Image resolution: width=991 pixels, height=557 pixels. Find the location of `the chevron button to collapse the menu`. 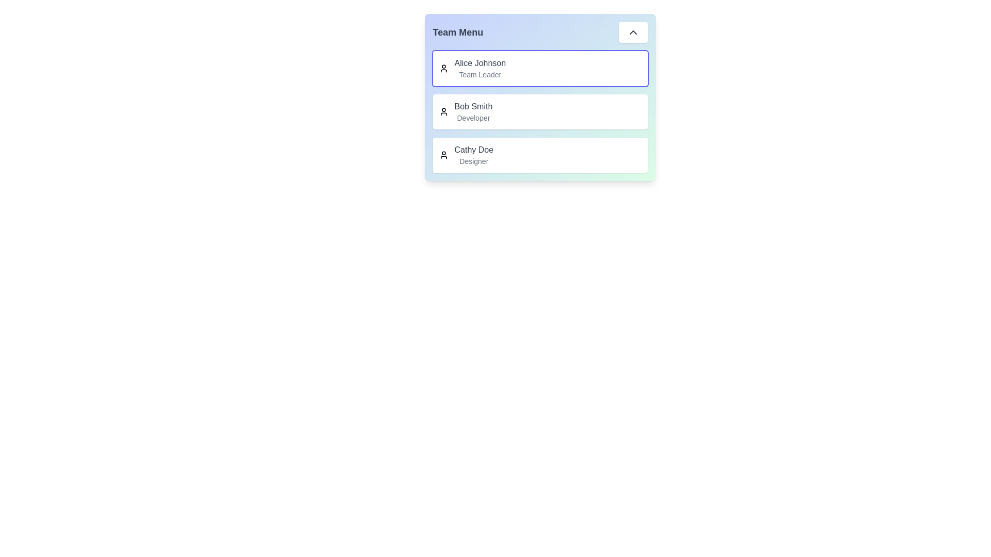

the chevron button to collapse the menu is located at coordinates (632, 31).